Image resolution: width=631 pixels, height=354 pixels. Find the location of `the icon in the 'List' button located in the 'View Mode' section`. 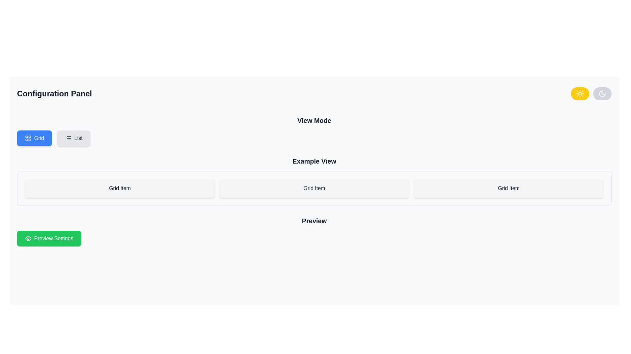

the icon in the 'List' button located in the 'View Mode' section is located at coordinates (68, 138).